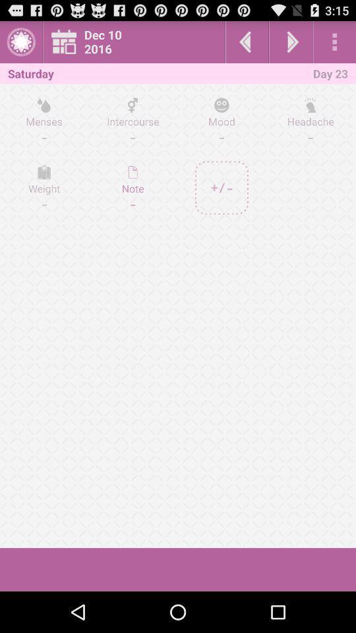 The image size is (356, 633). I want to click on icon to the left of intercourse, so click(44, 121).